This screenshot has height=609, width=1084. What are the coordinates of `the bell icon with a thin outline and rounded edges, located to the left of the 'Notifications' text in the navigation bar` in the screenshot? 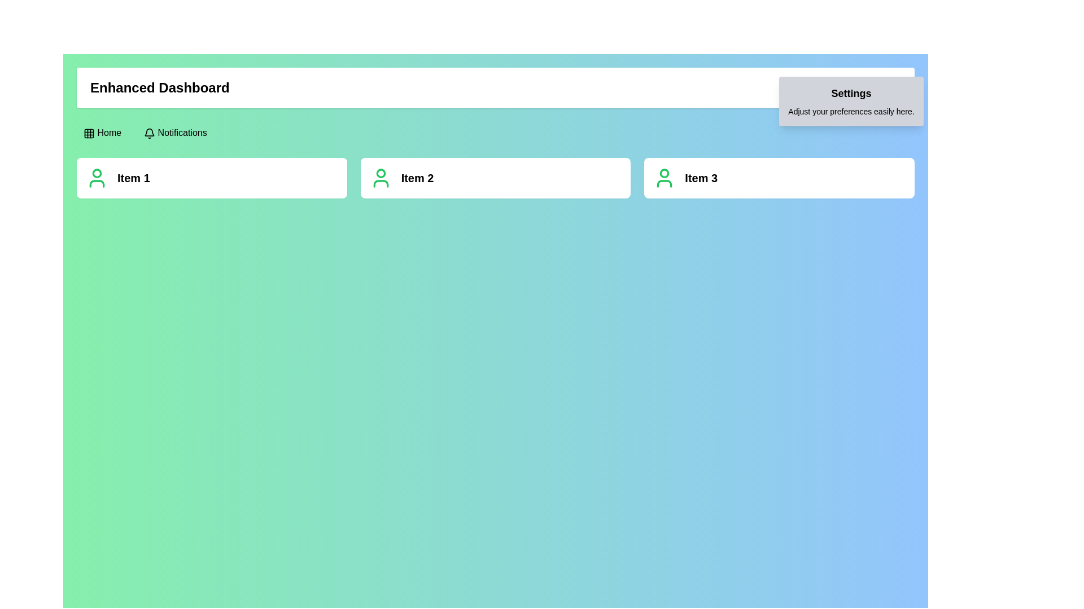 It's located at (149, 133).